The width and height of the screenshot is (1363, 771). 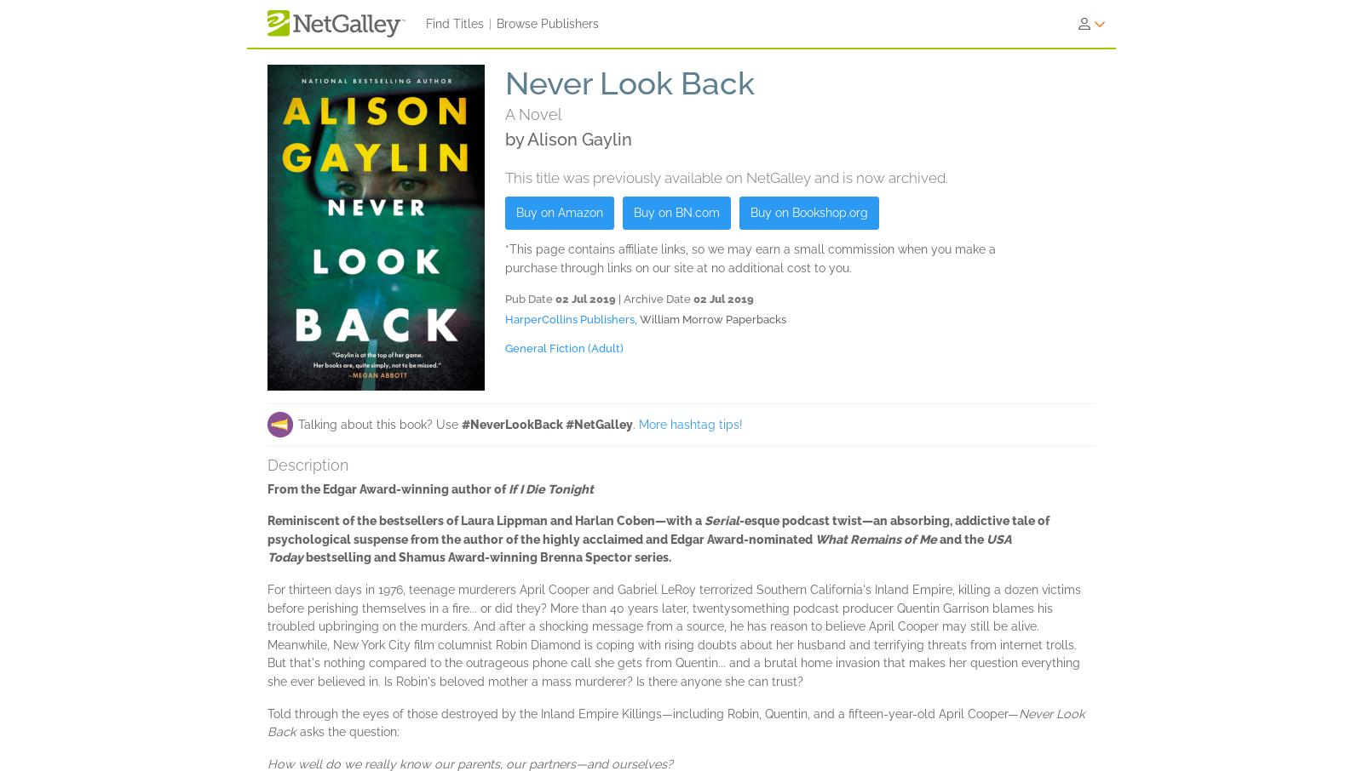 I want to click on 'www.netgalley.de', so click(x=1036, y=763).